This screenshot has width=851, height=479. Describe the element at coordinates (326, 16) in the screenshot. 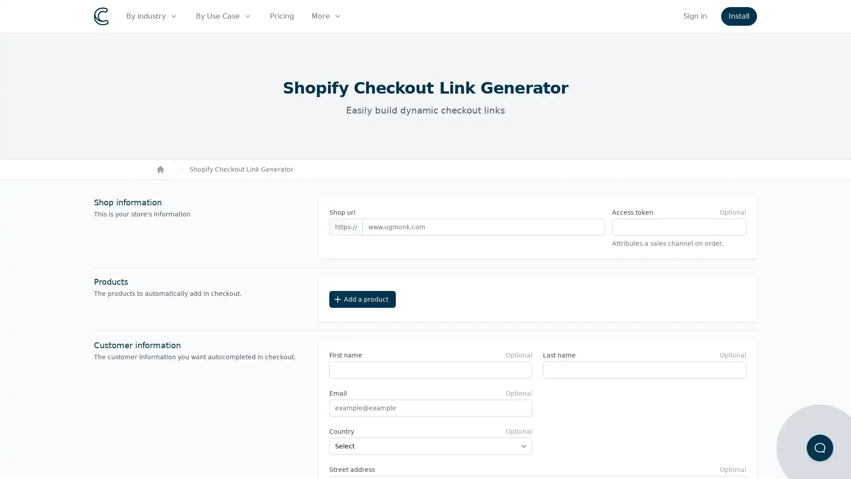

I see `More` at that location.